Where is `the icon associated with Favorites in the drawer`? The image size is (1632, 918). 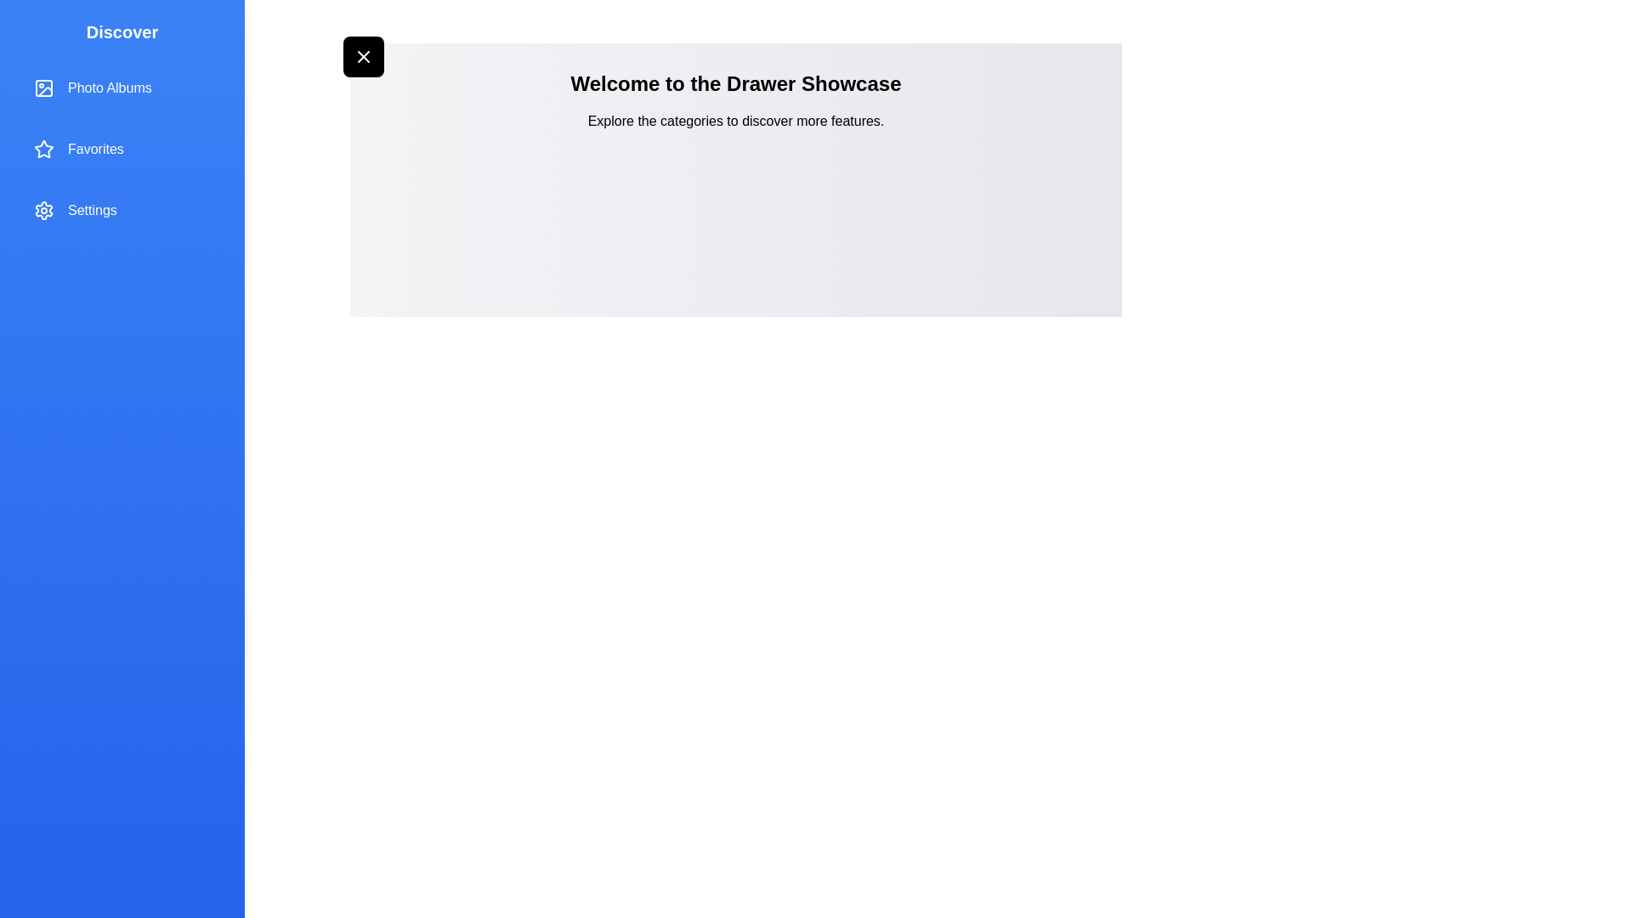 the icon associated with Favorites in the drawer is located at coordinates (44, 149).